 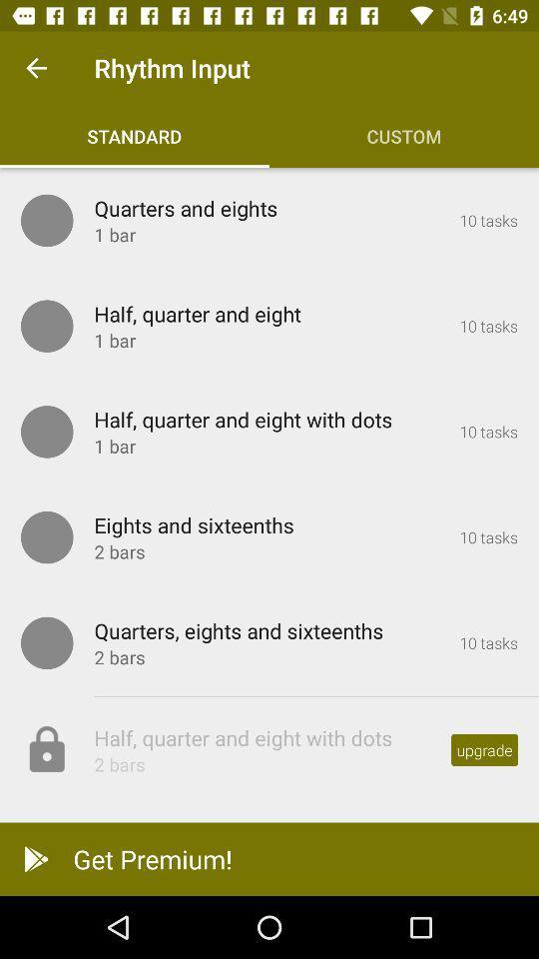 What do you see at coordinates (269, 858) in the screenshot?
I see `the item below the 2 bars item` at bounding box center [269, 858].